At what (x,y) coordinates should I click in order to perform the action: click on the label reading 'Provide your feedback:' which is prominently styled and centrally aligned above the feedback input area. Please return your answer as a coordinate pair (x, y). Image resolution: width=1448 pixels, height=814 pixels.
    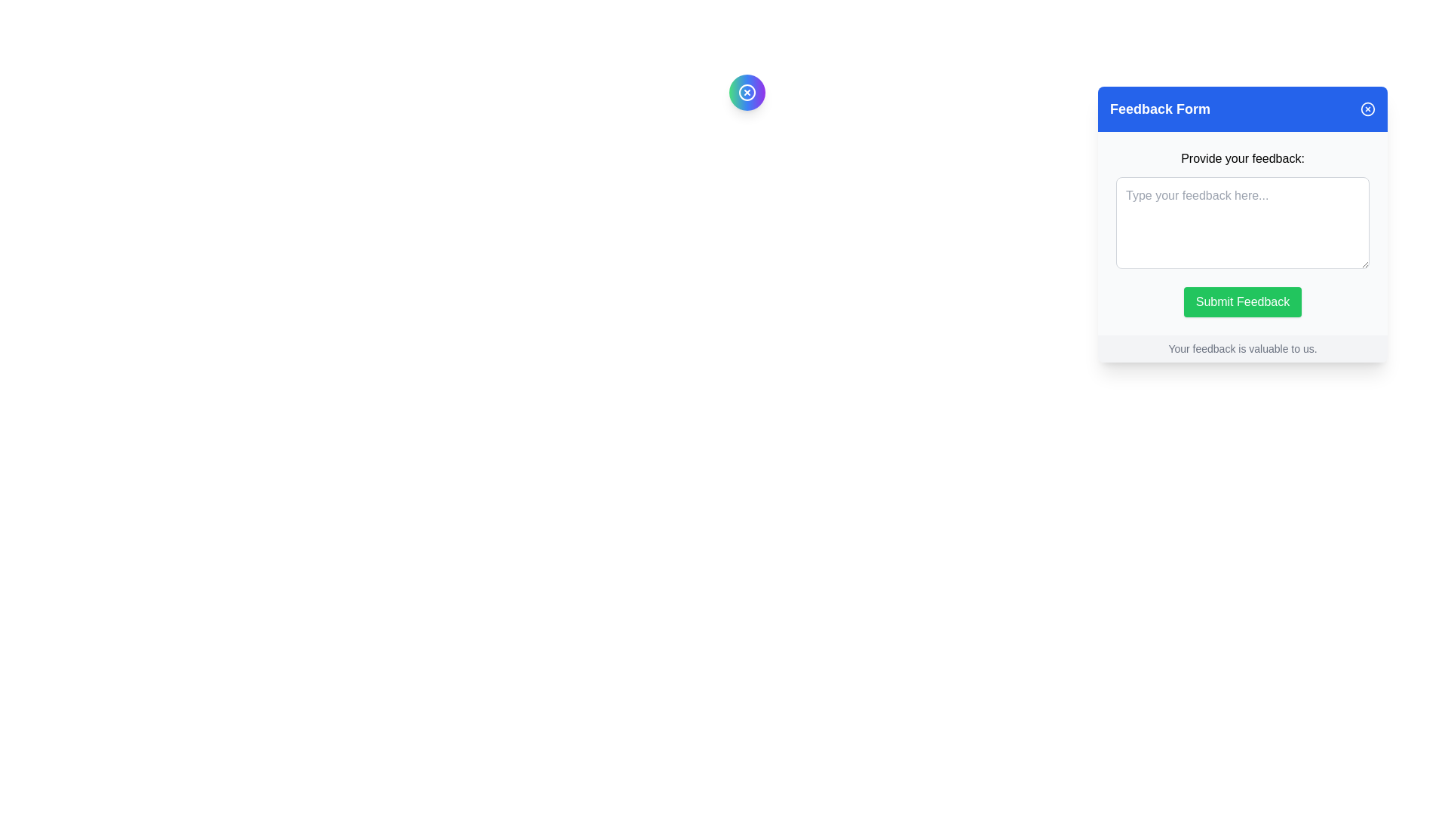
    Looking at the image, I should click on (1242, 159).